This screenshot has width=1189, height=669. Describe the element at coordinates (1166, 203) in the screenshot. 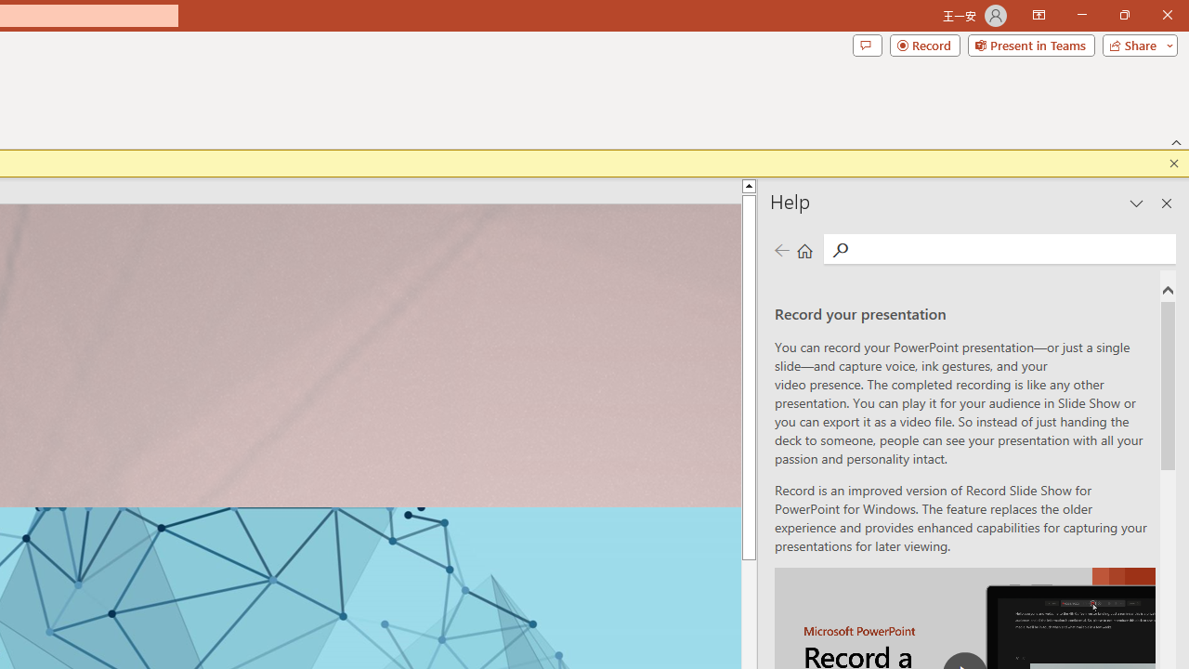

I see `'Close pane'` at that location.